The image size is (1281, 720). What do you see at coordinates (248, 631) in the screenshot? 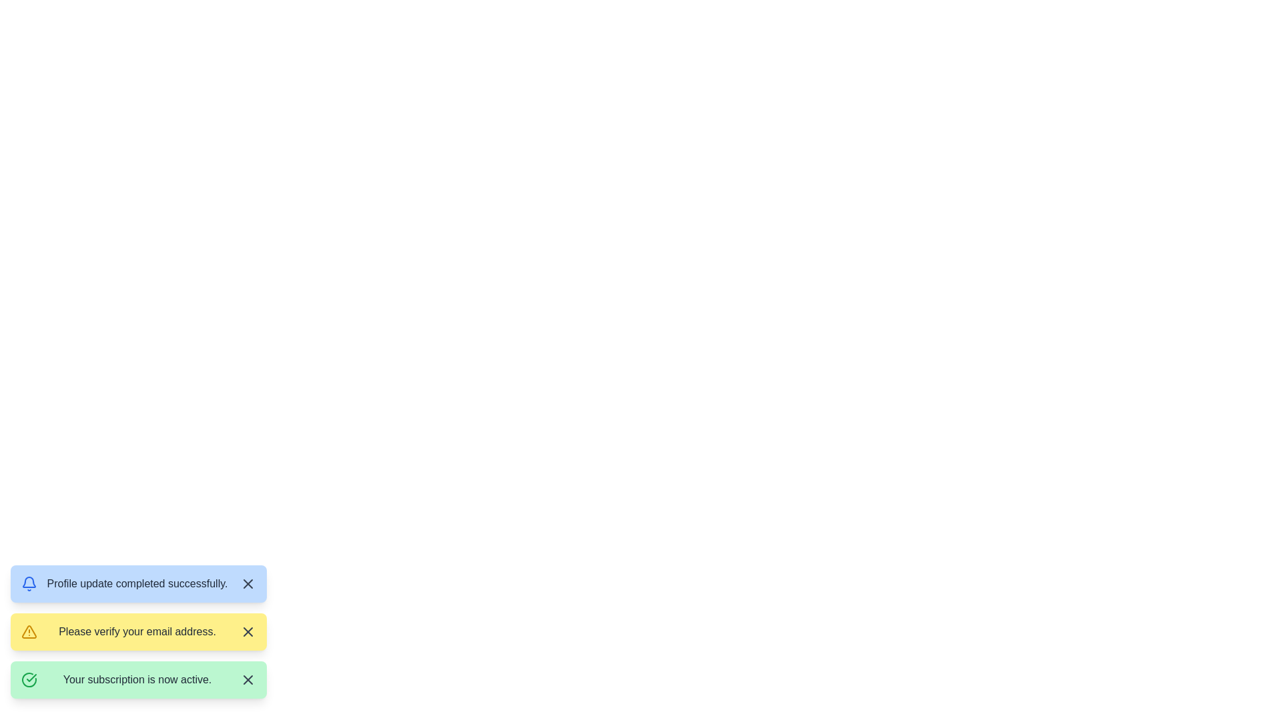
I see `the close button located in the top-right corner of the yellow notification box that displays 'Please verify your email address.'` at bounding box center [248, 631].